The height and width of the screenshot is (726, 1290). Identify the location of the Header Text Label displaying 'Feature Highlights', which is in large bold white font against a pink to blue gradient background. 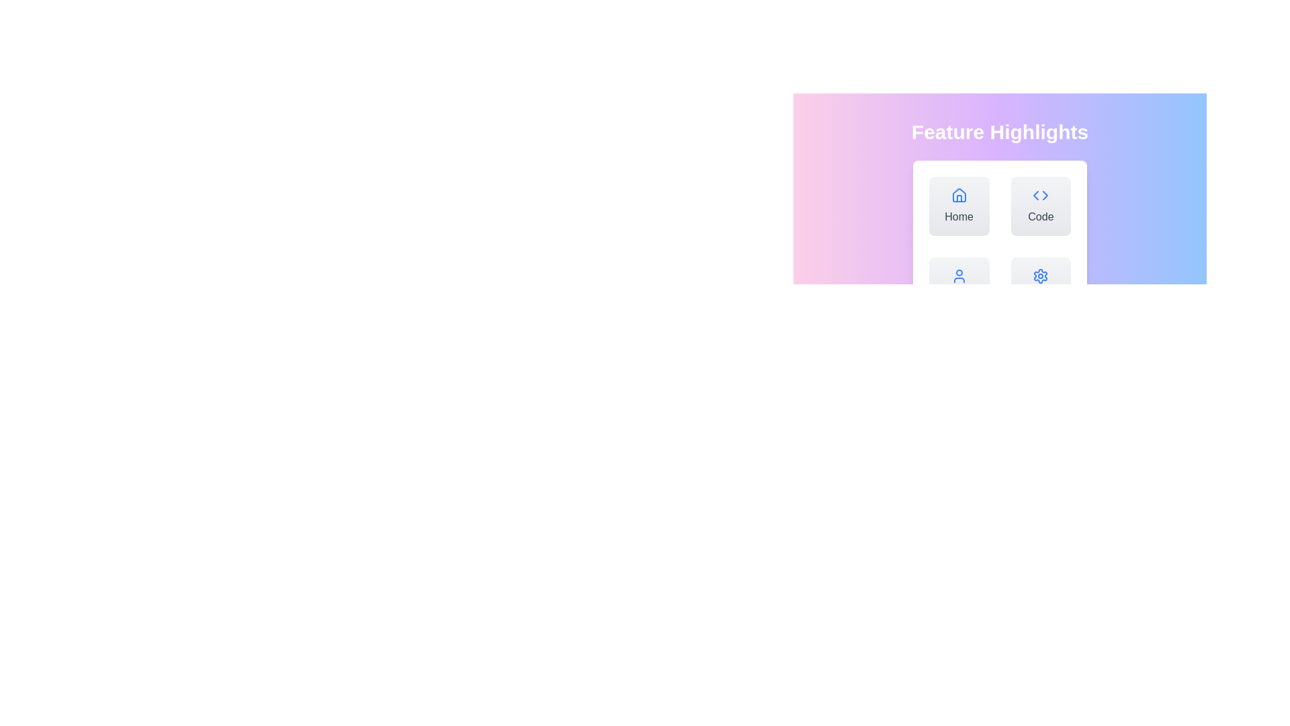
(1000, 132).